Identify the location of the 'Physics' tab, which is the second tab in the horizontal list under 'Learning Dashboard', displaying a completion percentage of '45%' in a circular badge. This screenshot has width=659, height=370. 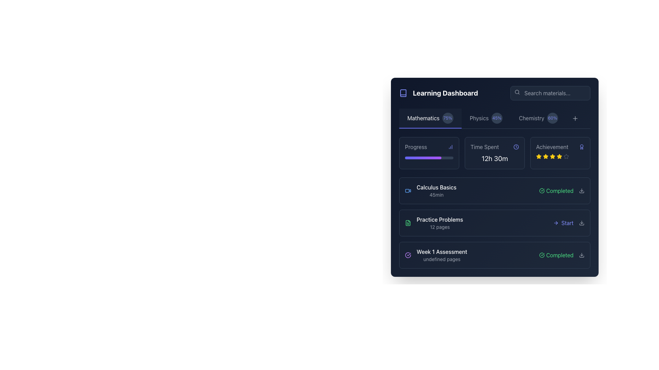
(486, 118).